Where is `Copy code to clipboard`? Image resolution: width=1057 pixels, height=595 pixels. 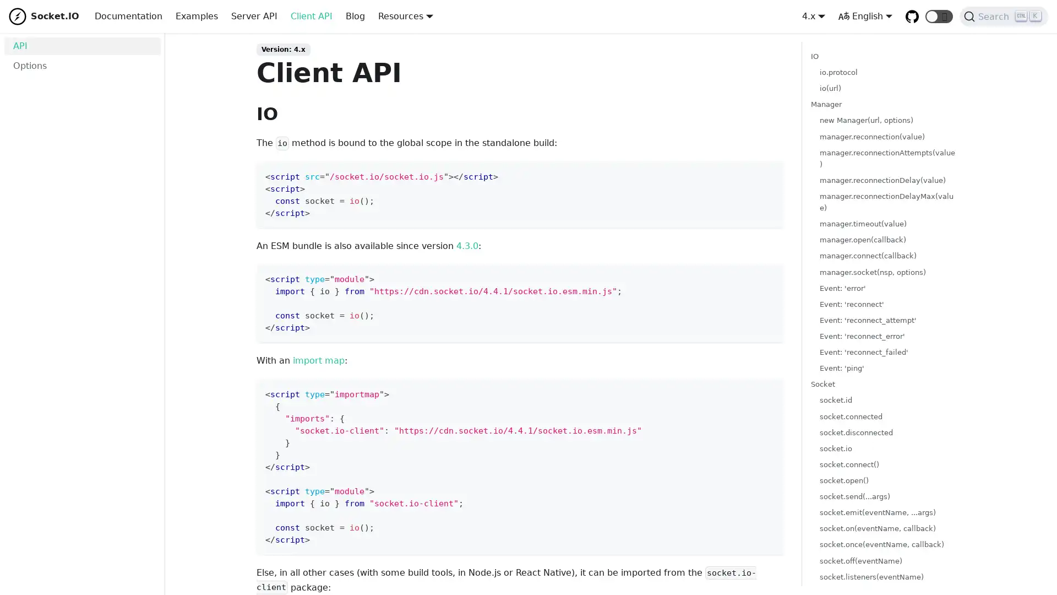 Copy code to clipboard is located at coordinates (765, 390).